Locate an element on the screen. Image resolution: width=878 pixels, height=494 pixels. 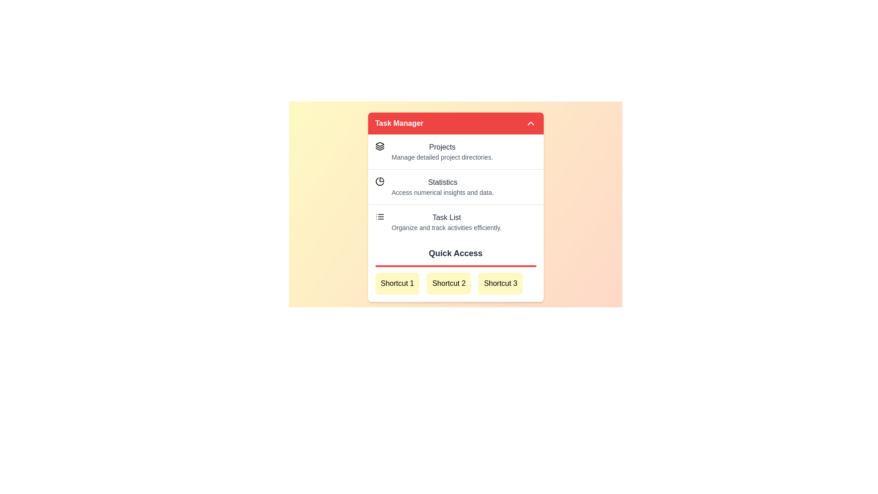
the menu item Projects from the list is located at coordinates (455, 151).